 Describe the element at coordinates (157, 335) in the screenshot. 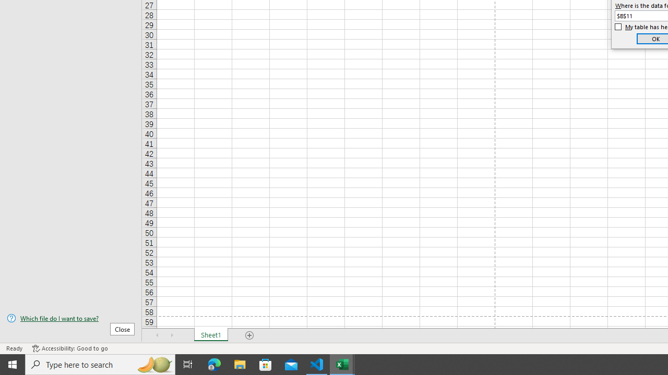

I see `'Scroll Left'` at that location.